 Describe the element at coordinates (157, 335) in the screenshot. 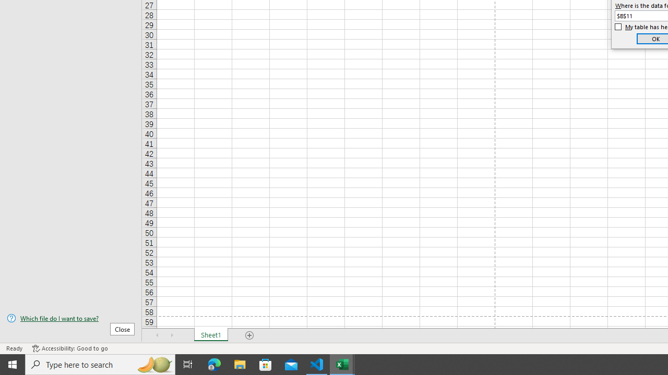

I see `'Scroll Left'` at that location.